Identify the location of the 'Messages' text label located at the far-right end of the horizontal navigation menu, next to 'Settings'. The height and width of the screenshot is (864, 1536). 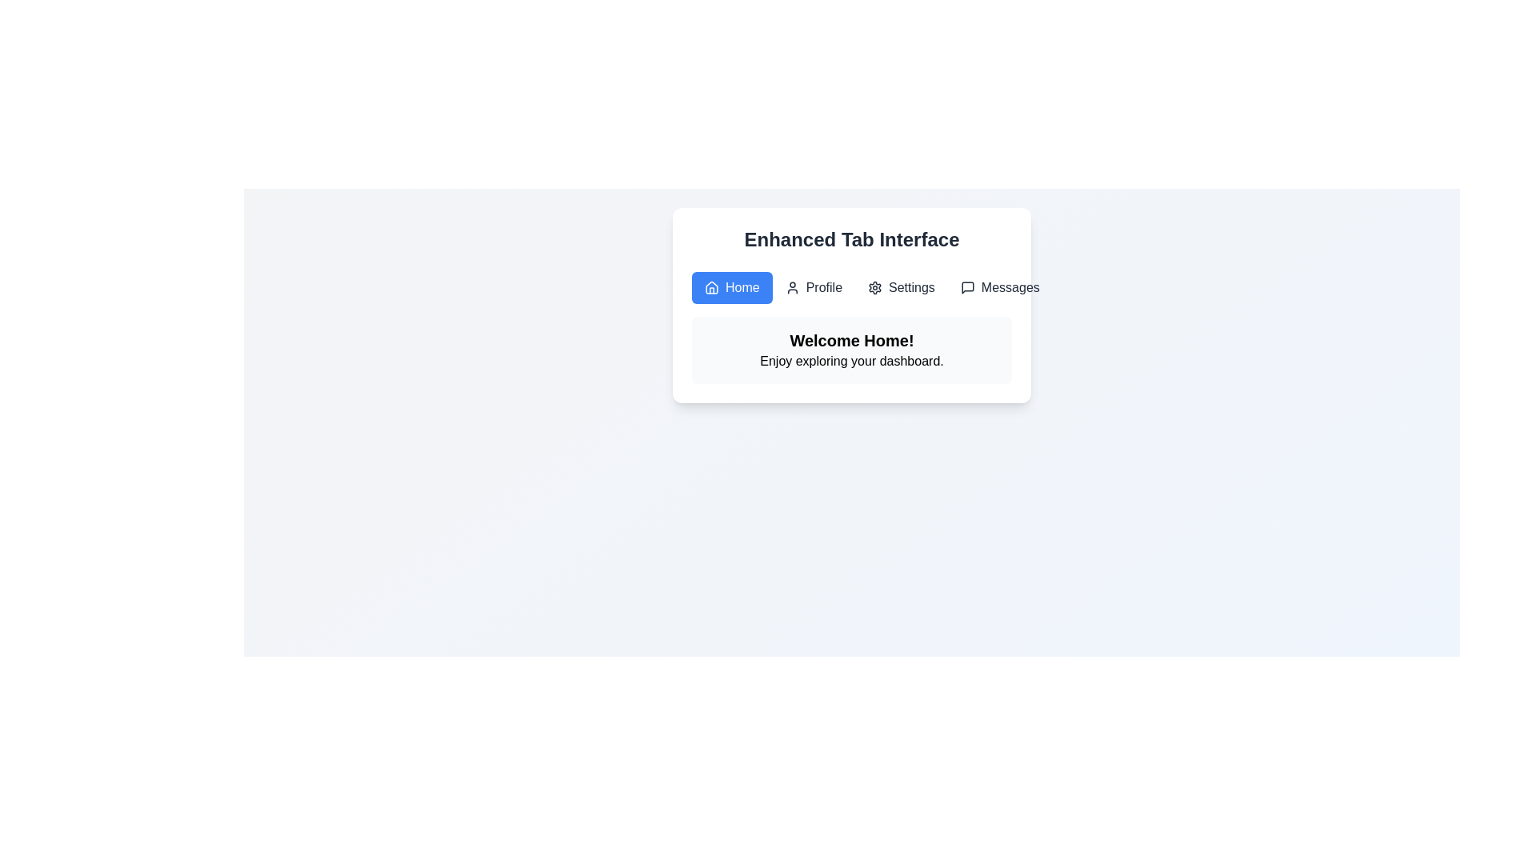
(1010, 286).